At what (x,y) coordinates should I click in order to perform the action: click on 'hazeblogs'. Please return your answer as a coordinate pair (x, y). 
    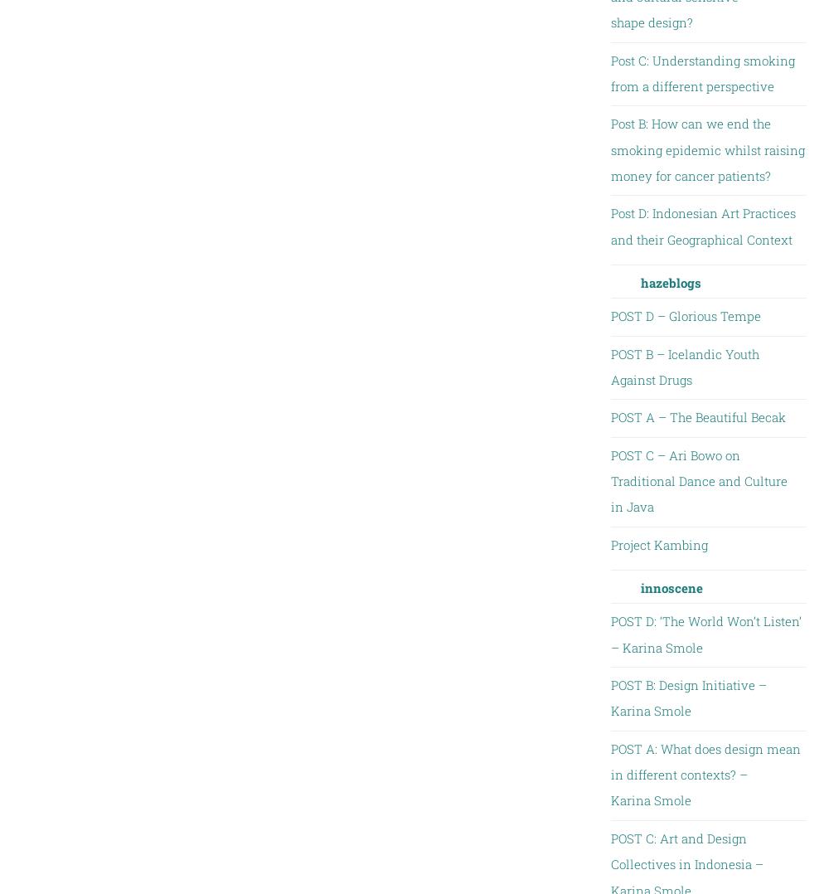
    Looking at the image, I should click on (640, 281).